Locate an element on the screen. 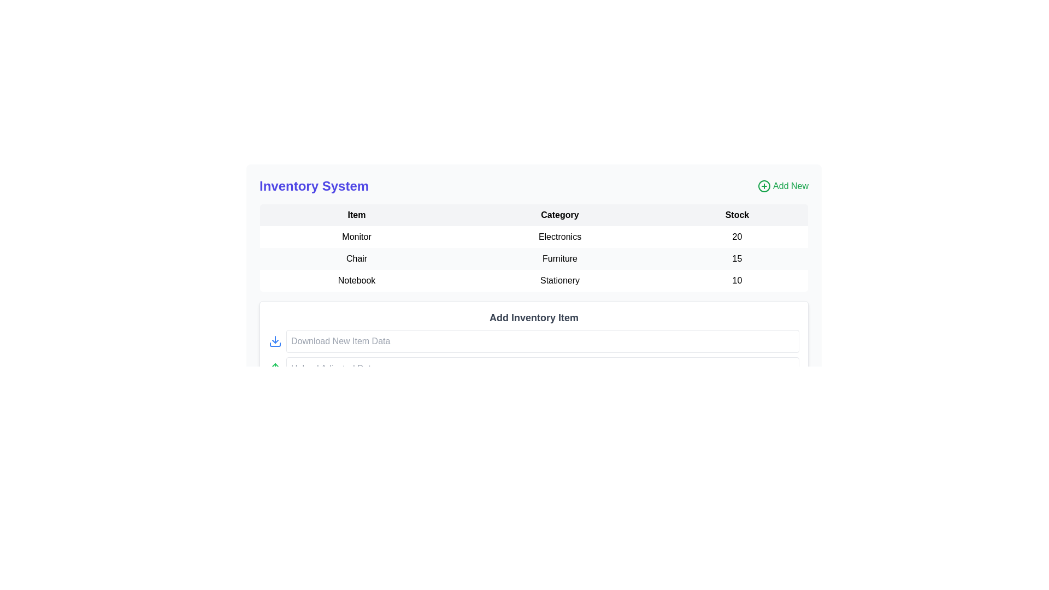 This screenshot has height=590, width=1049. the second row in the 'Inventory System' table that displays details of the item 'Chair', its category 'Furniture', and its stock quantity '15' is located at coordinates (534, 259).